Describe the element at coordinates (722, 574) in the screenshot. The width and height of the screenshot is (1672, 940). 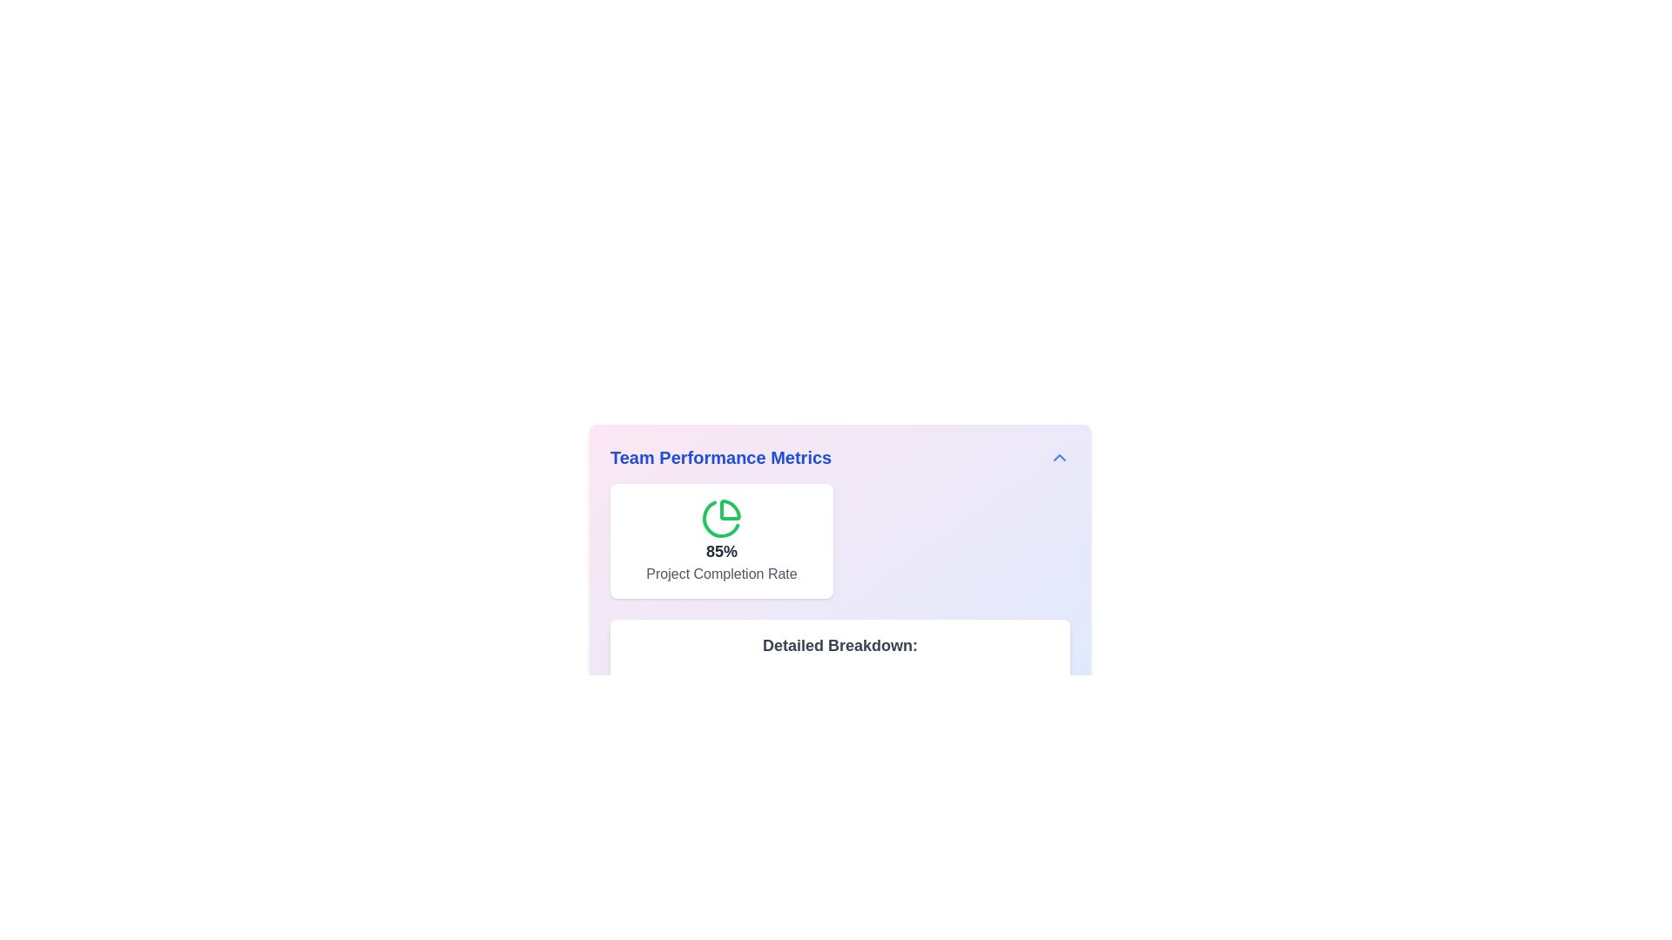
I see `the text label displaying 'Project Completion Rate' in gray color, positioned below '85%' inside a card layout under 'Team Performance Metrics'` at that location.